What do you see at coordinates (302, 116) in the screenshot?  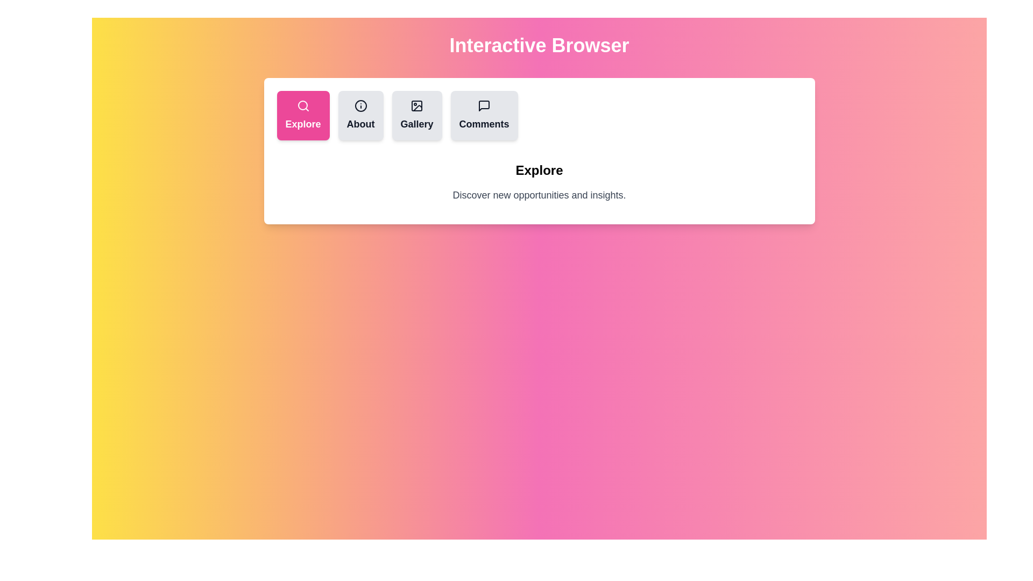 I see `the tab labeled Explore by clicking its button` at bounding box center [302, 116].